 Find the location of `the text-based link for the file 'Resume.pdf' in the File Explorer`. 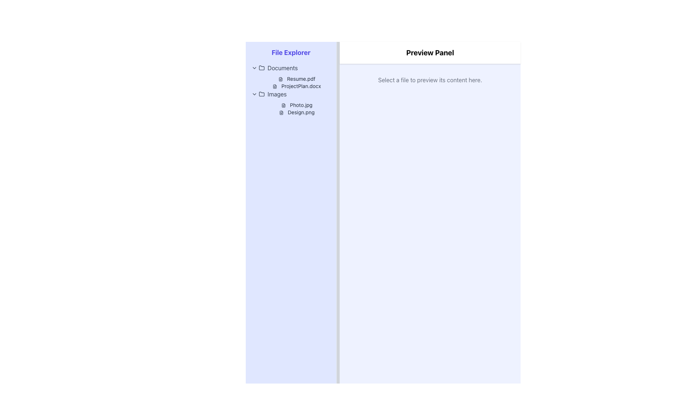

the text-based link for the file 'Resume.pdf' in the File Explorer is located at coordinates (297, 79).